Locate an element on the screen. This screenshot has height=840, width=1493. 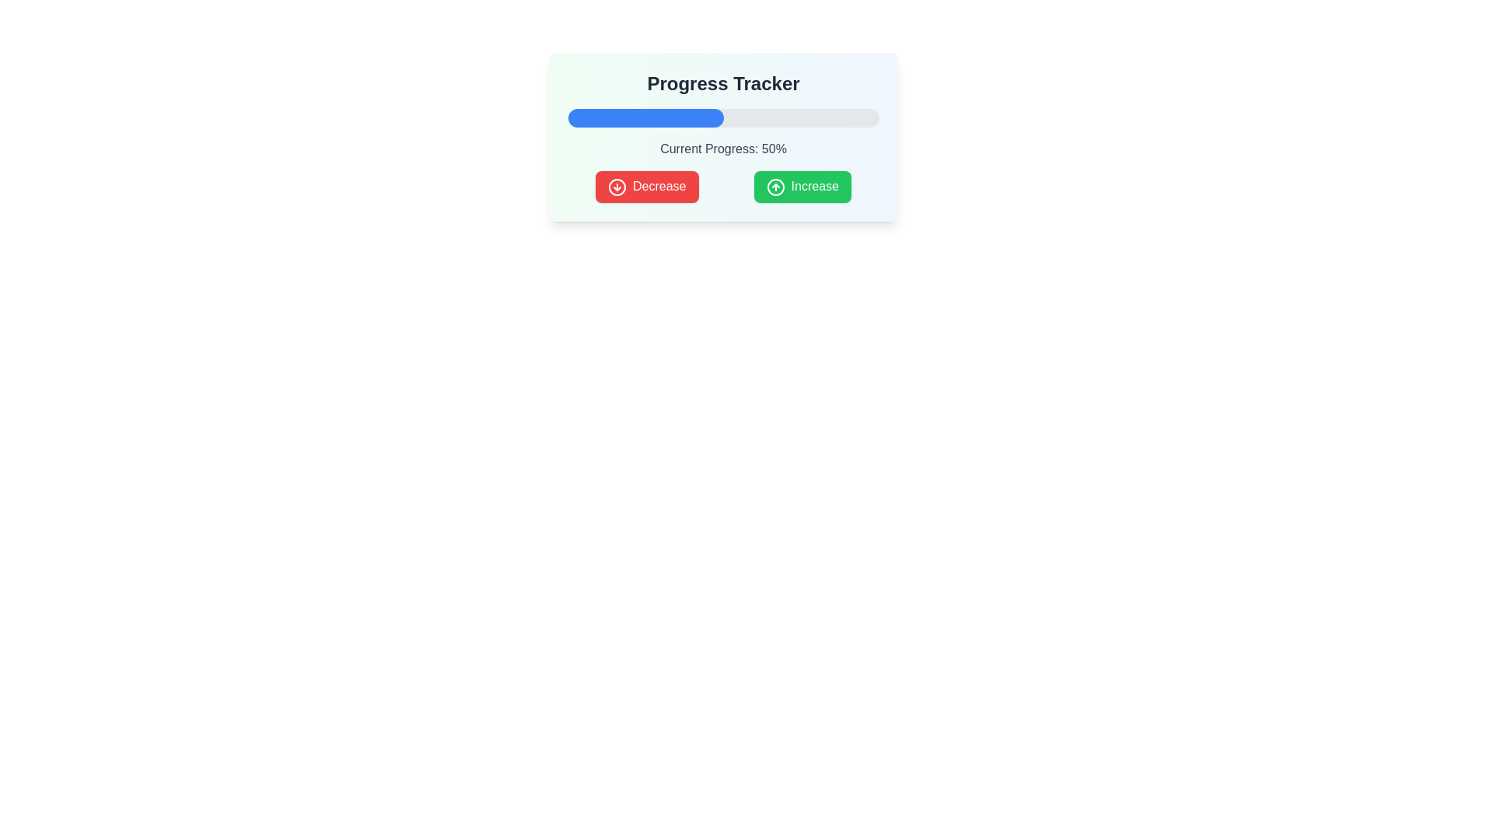
the 'Decrease' button with a red background and white borders, which features bold white text and a downward arrow icon is located at coordinates (647, 186).